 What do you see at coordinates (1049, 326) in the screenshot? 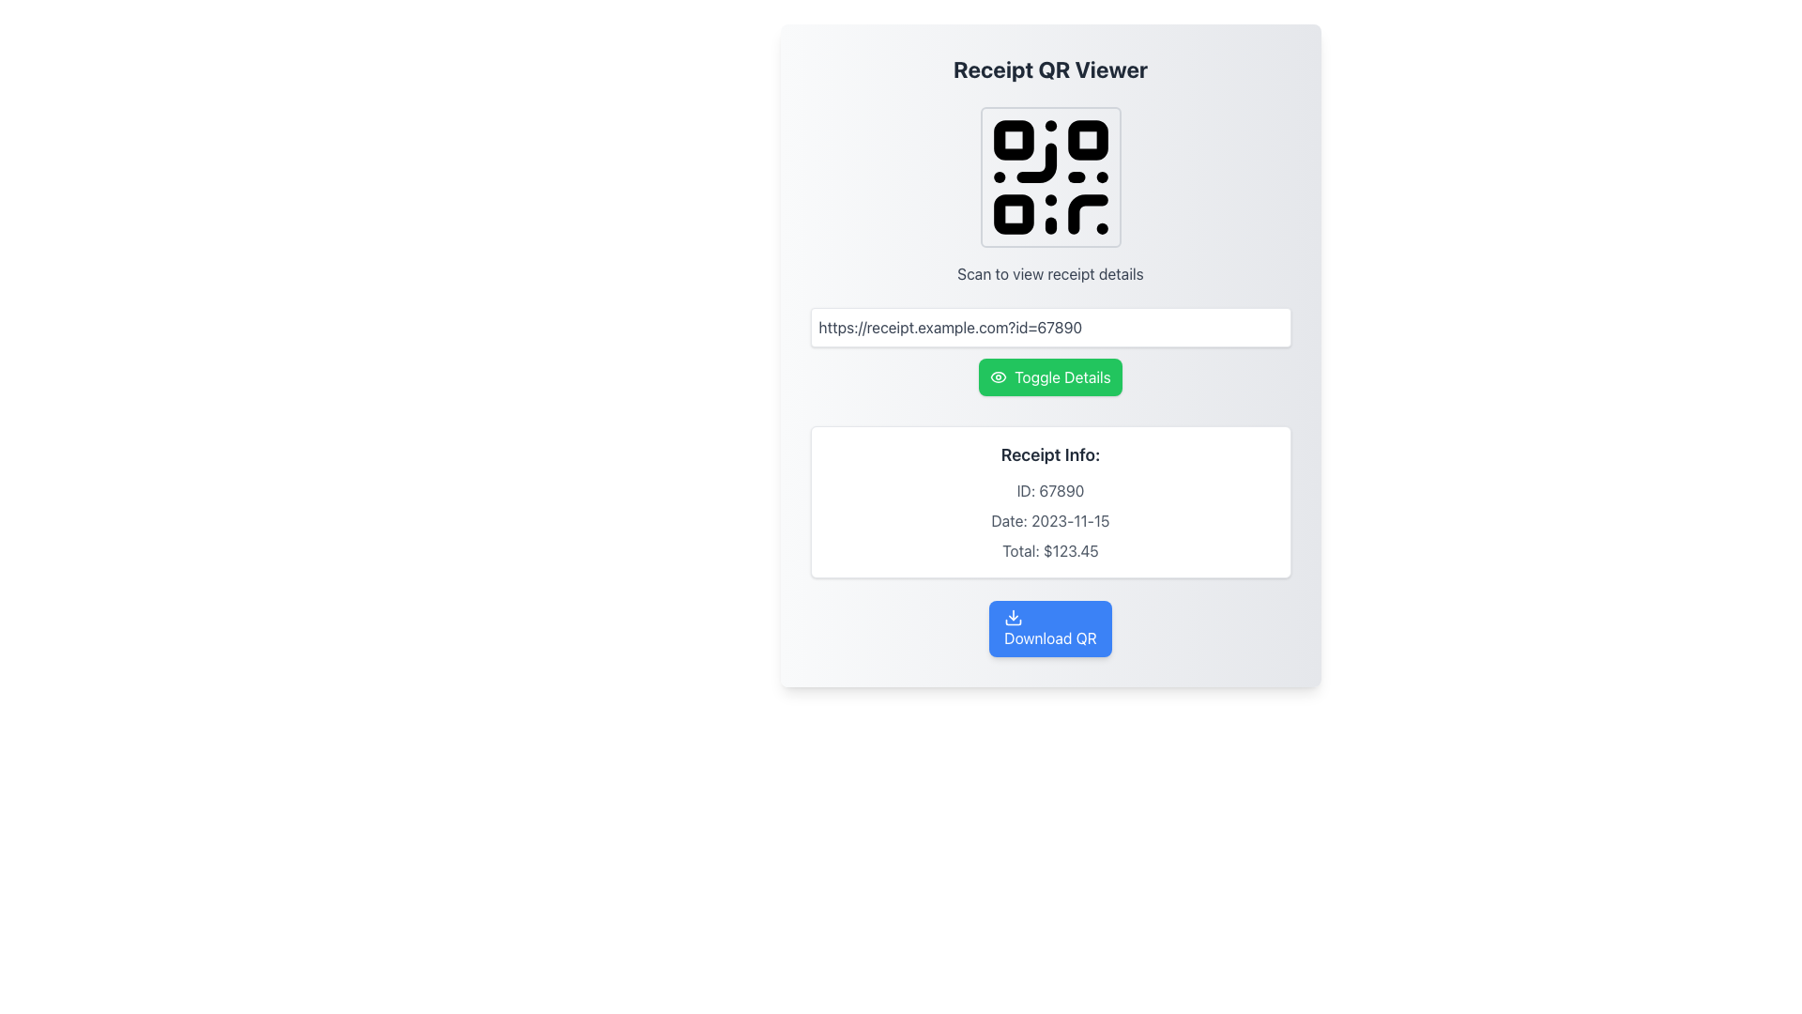
I see `the text input field that displays a link related to receipt details, located above the 'Toggle Details' green button` at bounding box center [1049, 326].